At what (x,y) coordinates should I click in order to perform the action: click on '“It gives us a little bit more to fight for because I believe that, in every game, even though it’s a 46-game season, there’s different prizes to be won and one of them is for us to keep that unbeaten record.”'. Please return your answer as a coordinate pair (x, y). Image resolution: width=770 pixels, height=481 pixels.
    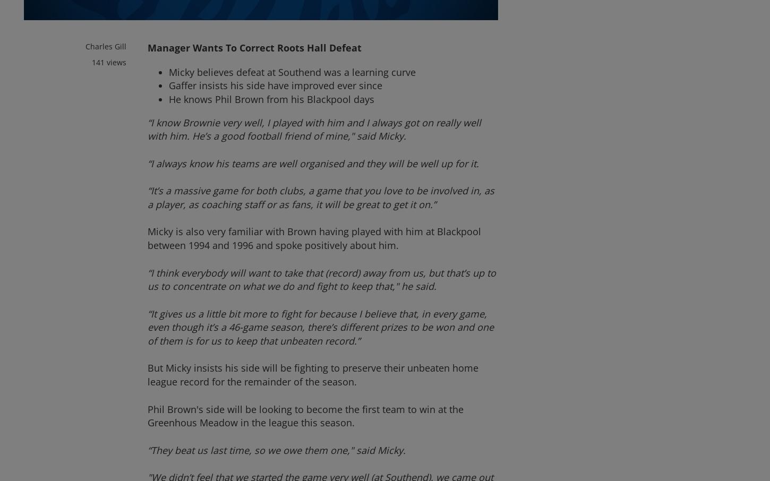
    Looking at the image, I should click on (321, 327).